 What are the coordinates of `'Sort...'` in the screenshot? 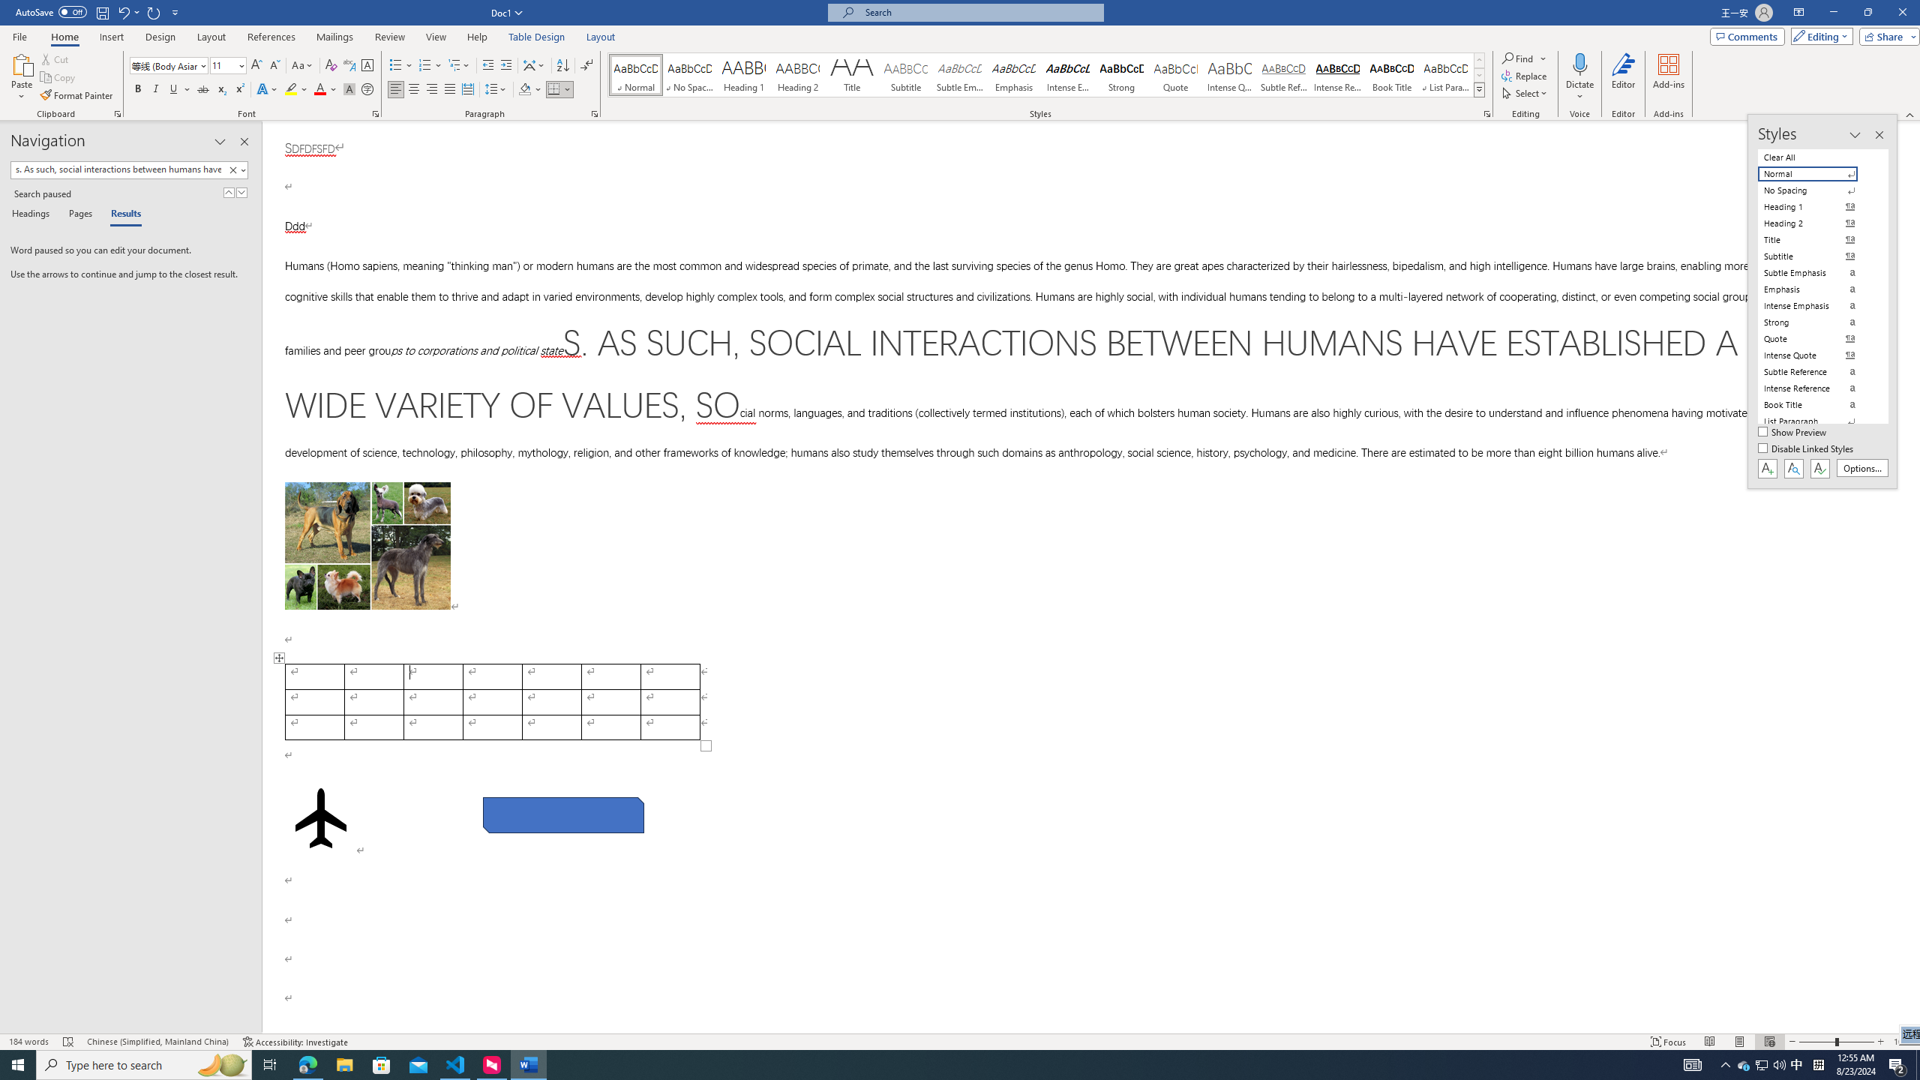 It's located at (562, 65).